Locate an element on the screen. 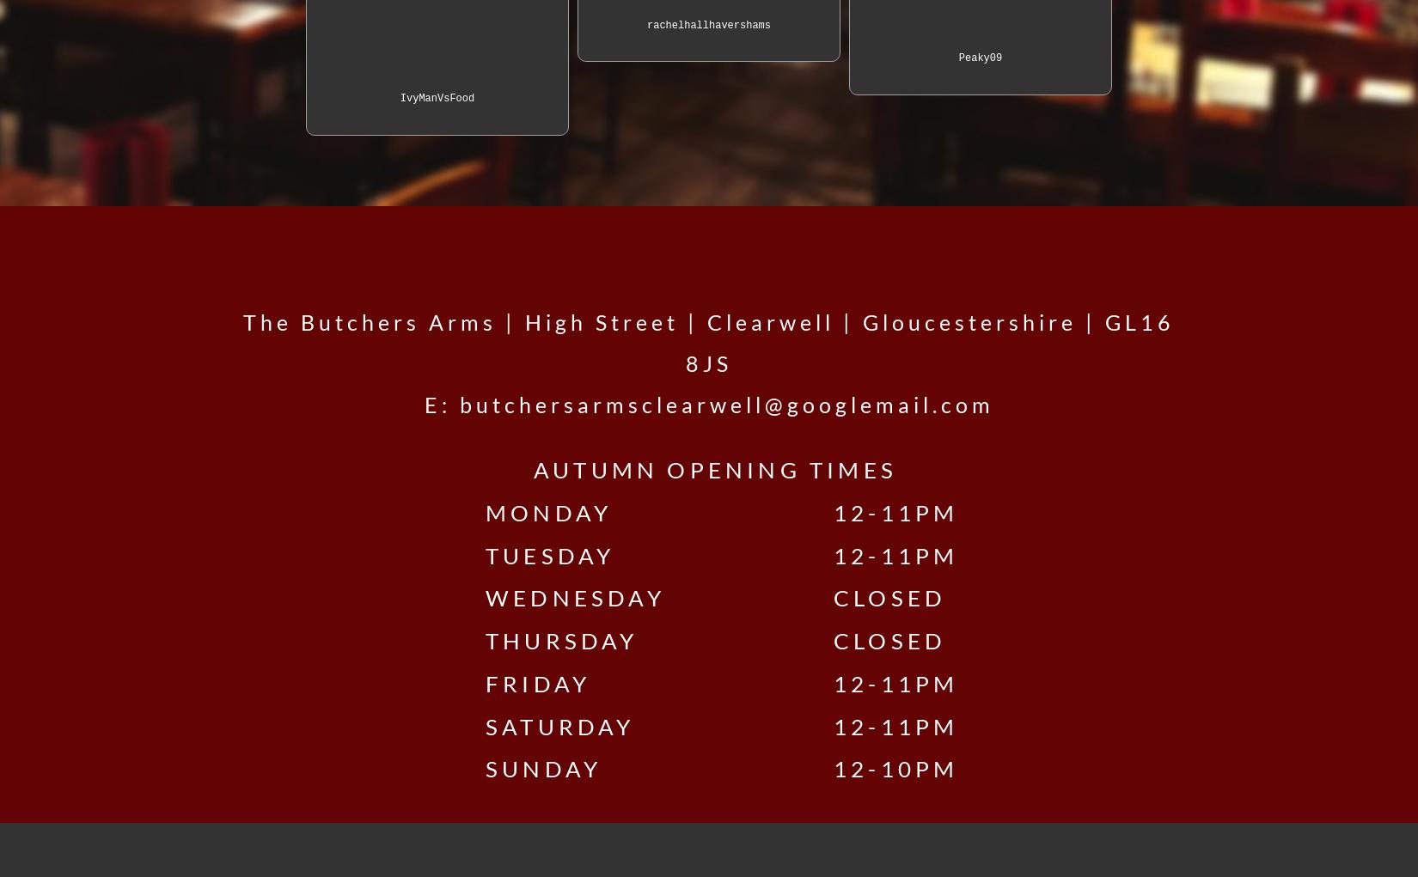  'MONDAY' is located at coordinates (587, 511).